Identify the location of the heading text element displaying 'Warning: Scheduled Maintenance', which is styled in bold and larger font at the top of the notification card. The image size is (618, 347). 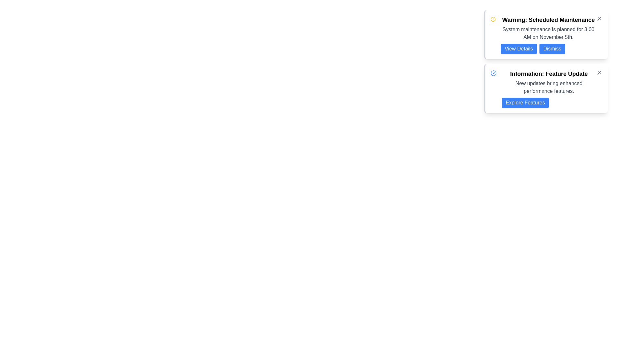
(548, 19).